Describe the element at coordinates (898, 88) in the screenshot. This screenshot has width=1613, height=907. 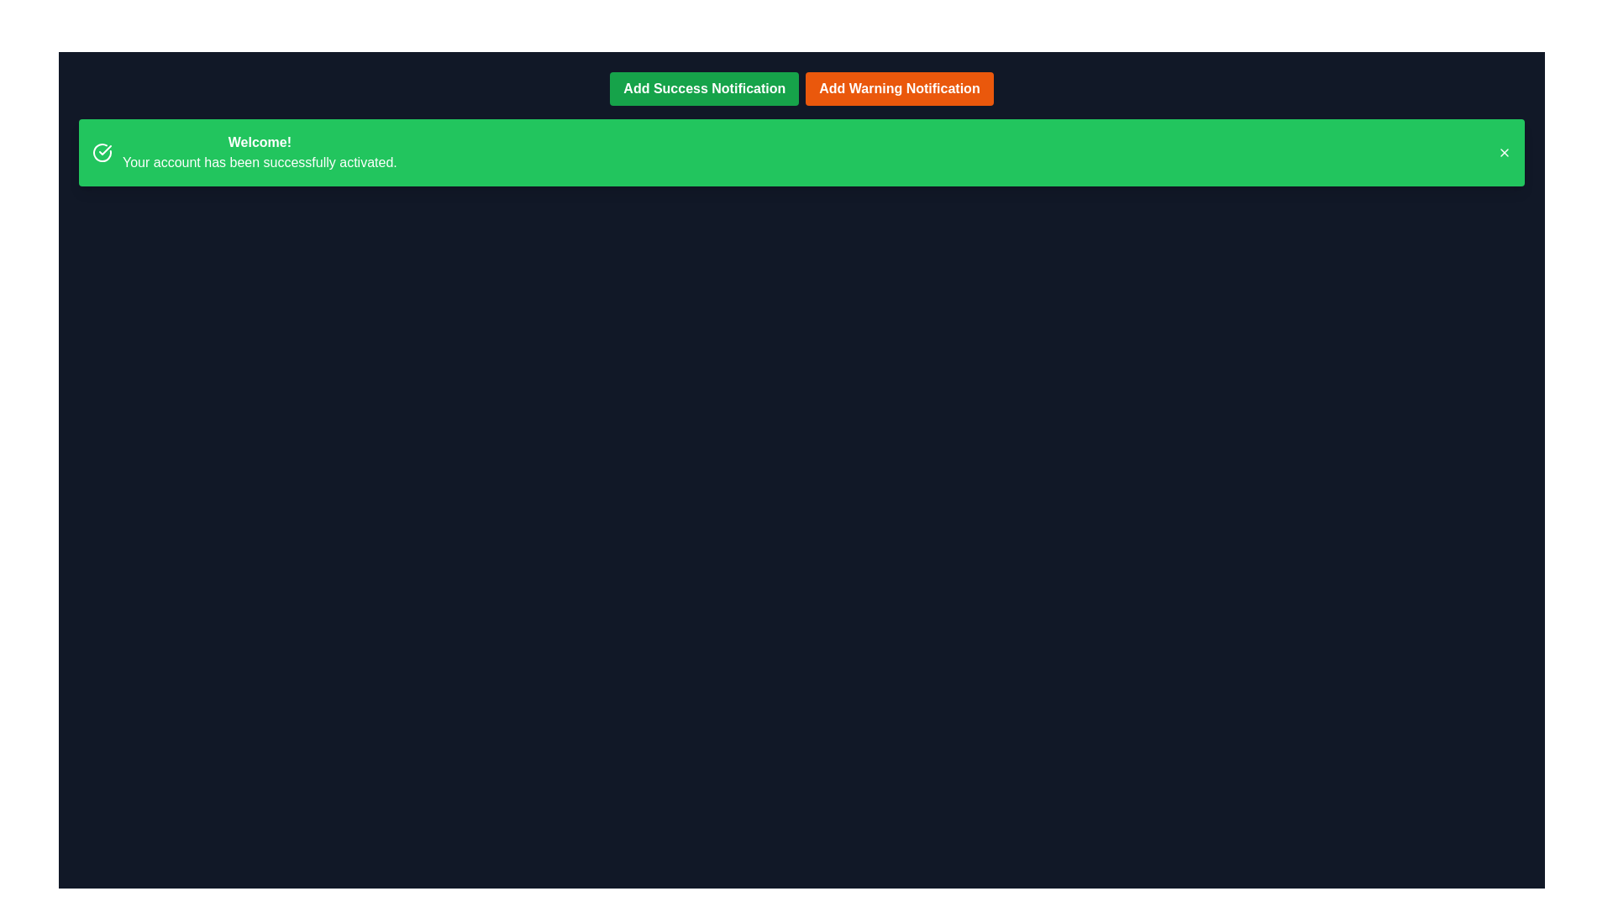
I see `the warning notification button, which is the second button in a pair` at that location.